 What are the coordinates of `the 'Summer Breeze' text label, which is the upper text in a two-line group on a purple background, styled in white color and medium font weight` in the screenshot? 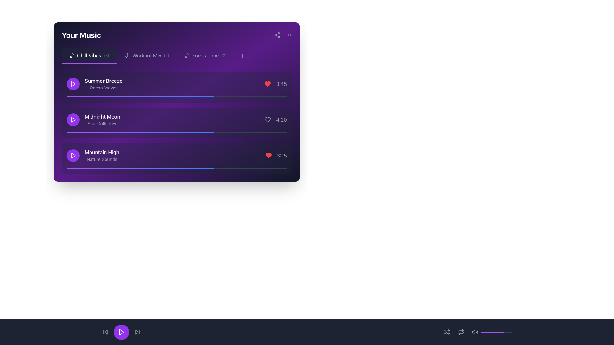 It's located at (103, 80).